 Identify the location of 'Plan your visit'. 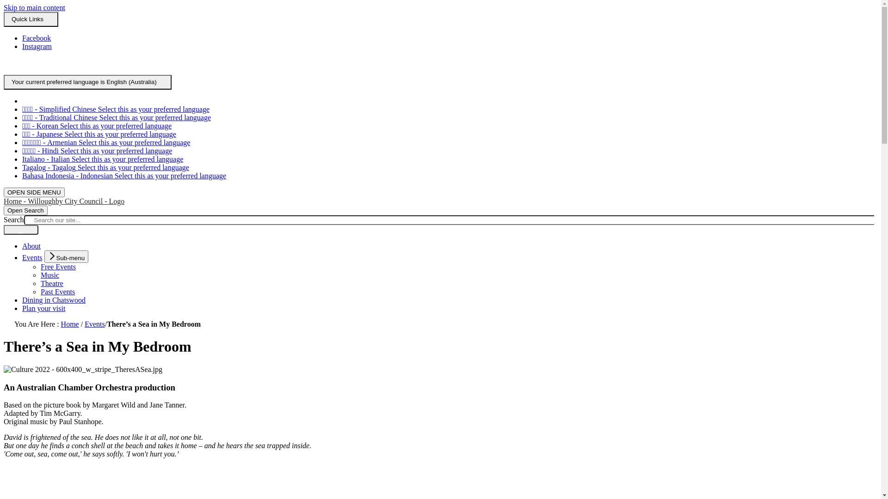
(43, 308).